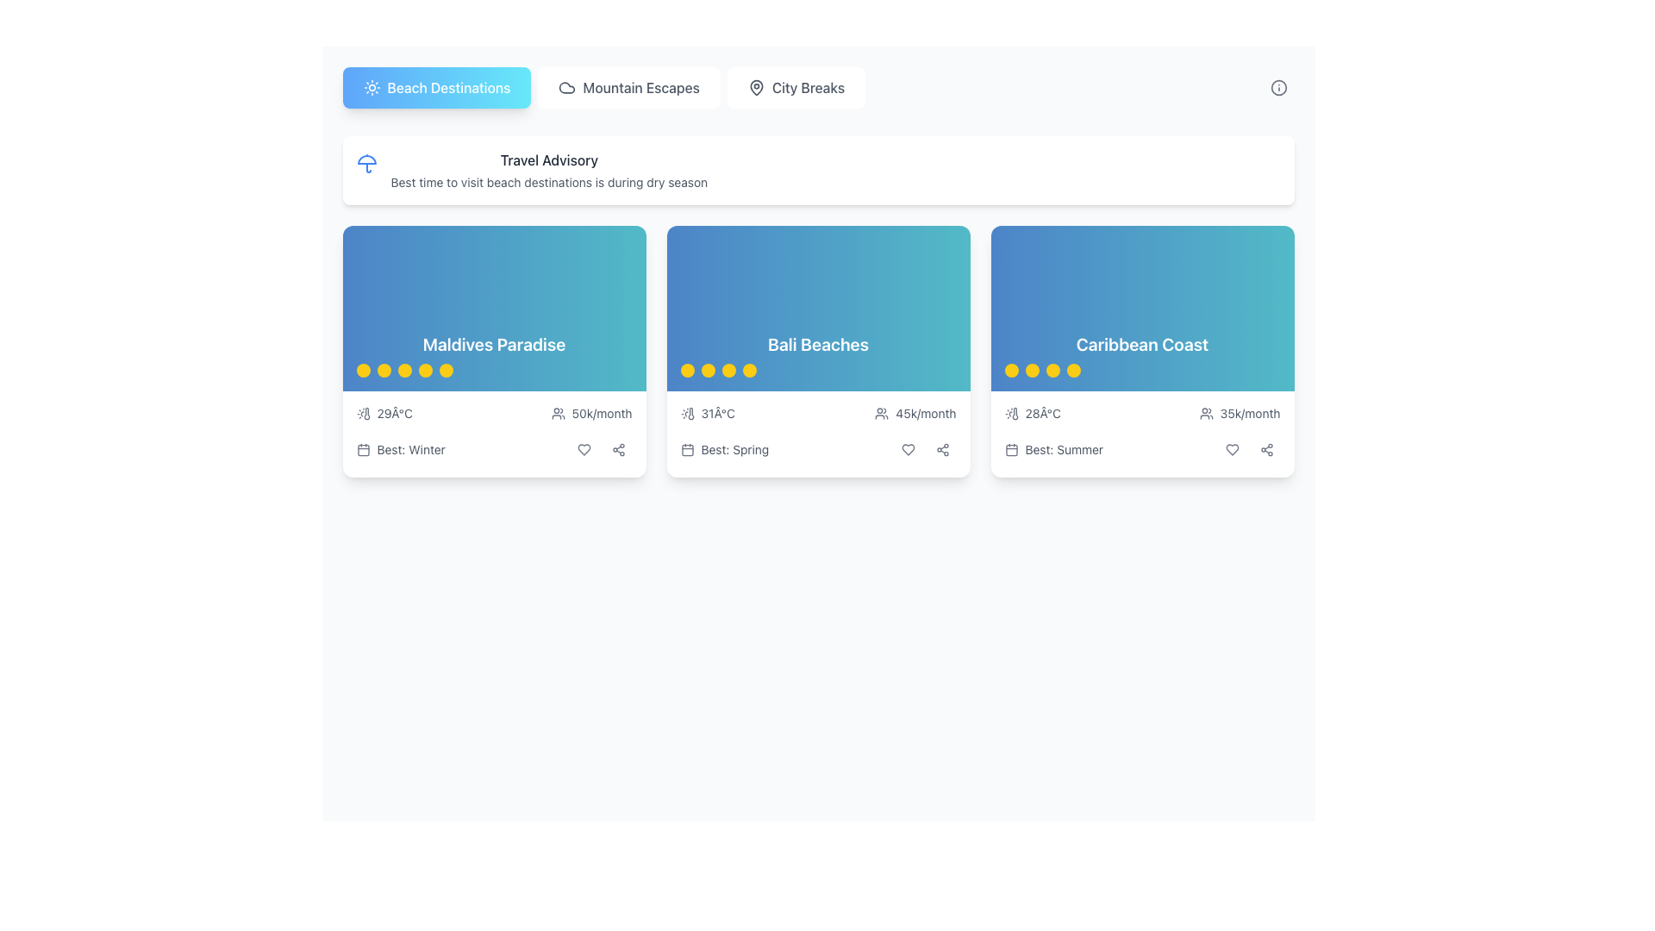 The width and height of the screenshot is (1655, 931). I want to click on the interactive button with a heart icon located in the bottom right corner of the 'Caribbean Coast' card to mark it as a favorite, so click(1231, 448).